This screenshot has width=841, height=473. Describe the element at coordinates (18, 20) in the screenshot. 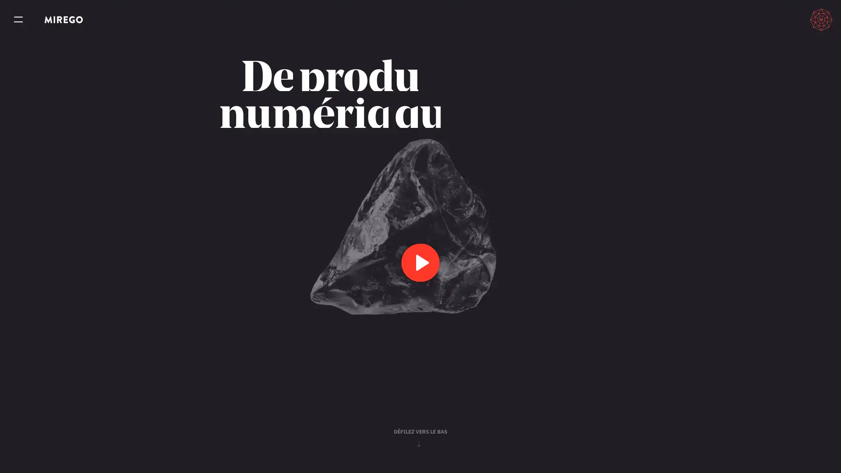

I see `Voir la navigation` at that location.